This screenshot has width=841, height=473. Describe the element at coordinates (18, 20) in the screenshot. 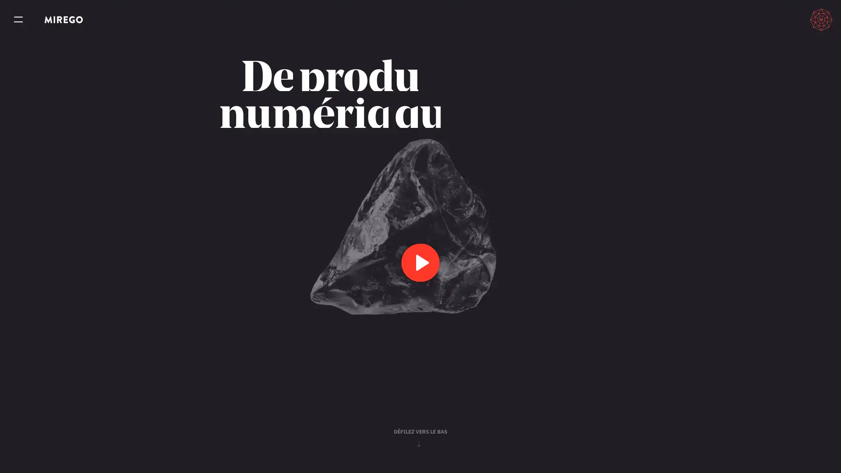

I see `Voir la navigation` at that location.